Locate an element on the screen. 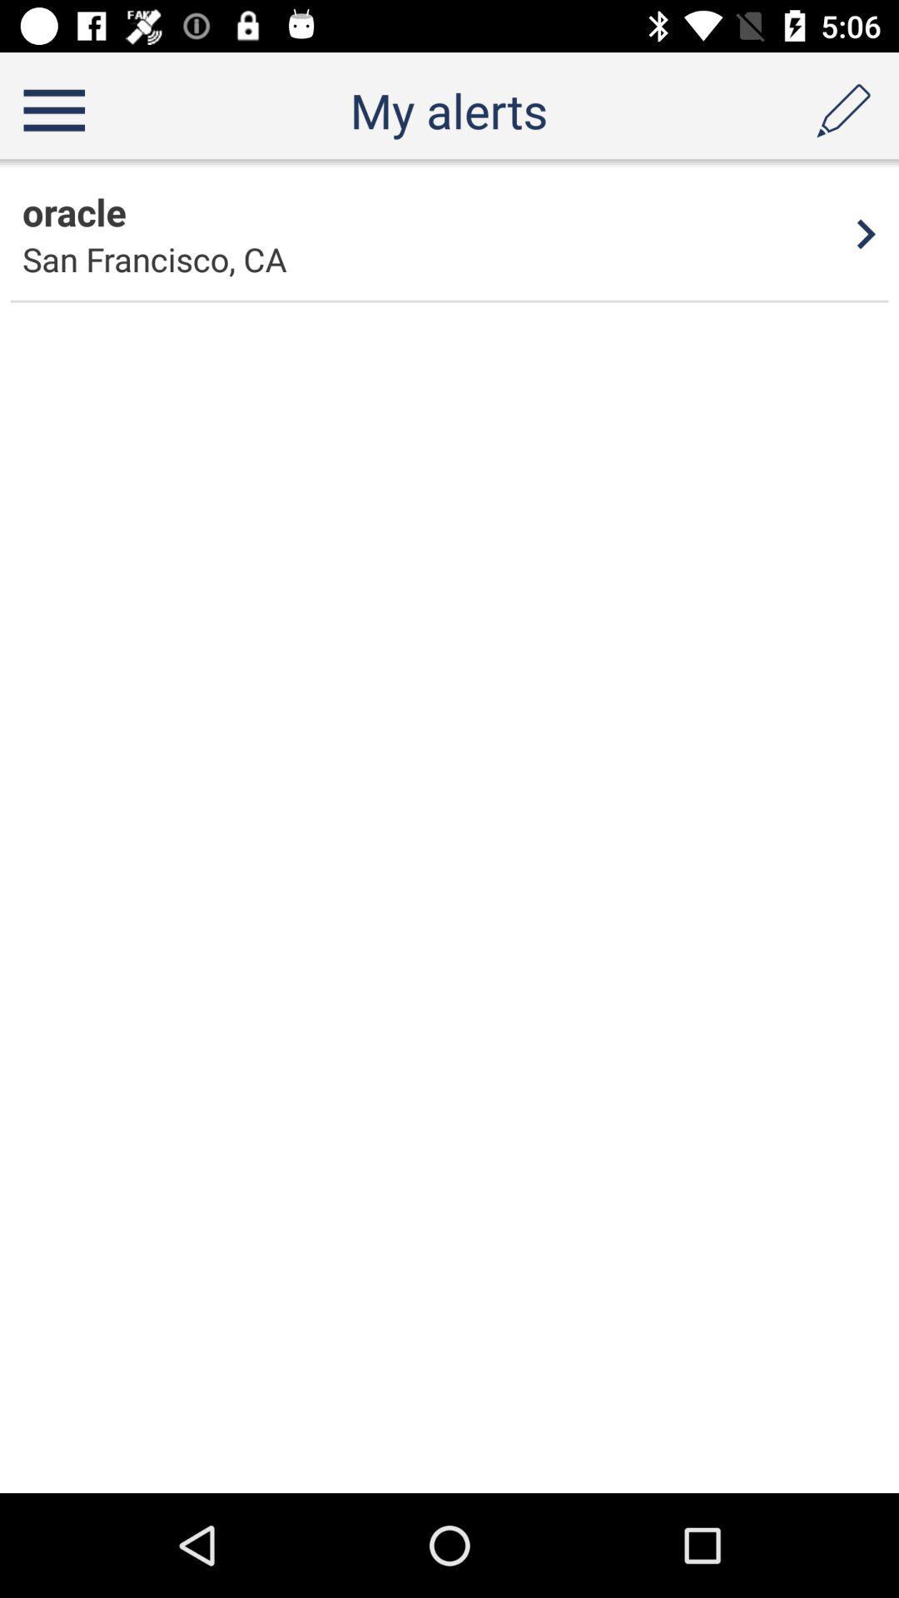 This screenshot has height=1598, width=899. item to the left of the 4 is located at coordinates (154, 258).